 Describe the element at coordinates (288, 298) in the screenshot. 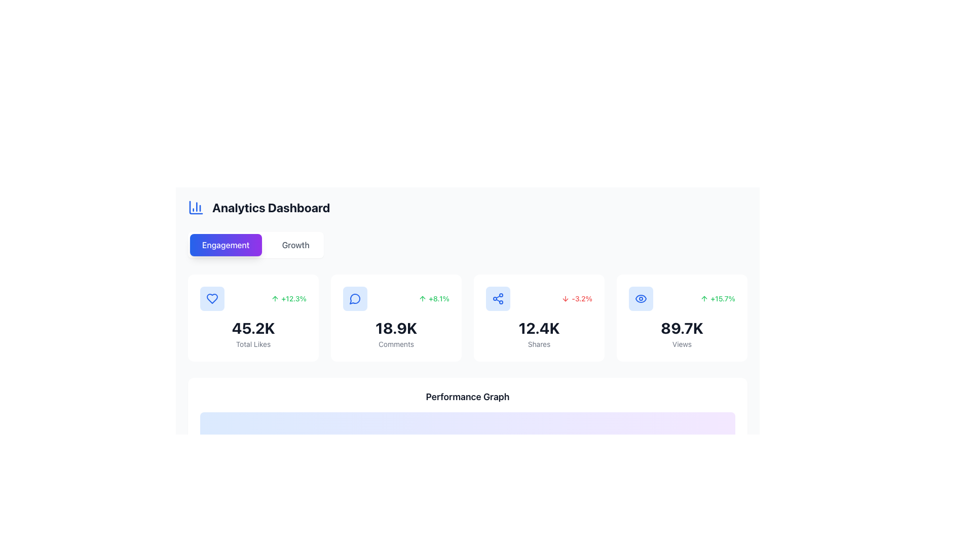

I see `the Text and Icon Label displaying a percentage change of '+12.3%' styled in green, located next to an upward-pointing arrow icon in the metrics for 'Total Likes'` at that location.